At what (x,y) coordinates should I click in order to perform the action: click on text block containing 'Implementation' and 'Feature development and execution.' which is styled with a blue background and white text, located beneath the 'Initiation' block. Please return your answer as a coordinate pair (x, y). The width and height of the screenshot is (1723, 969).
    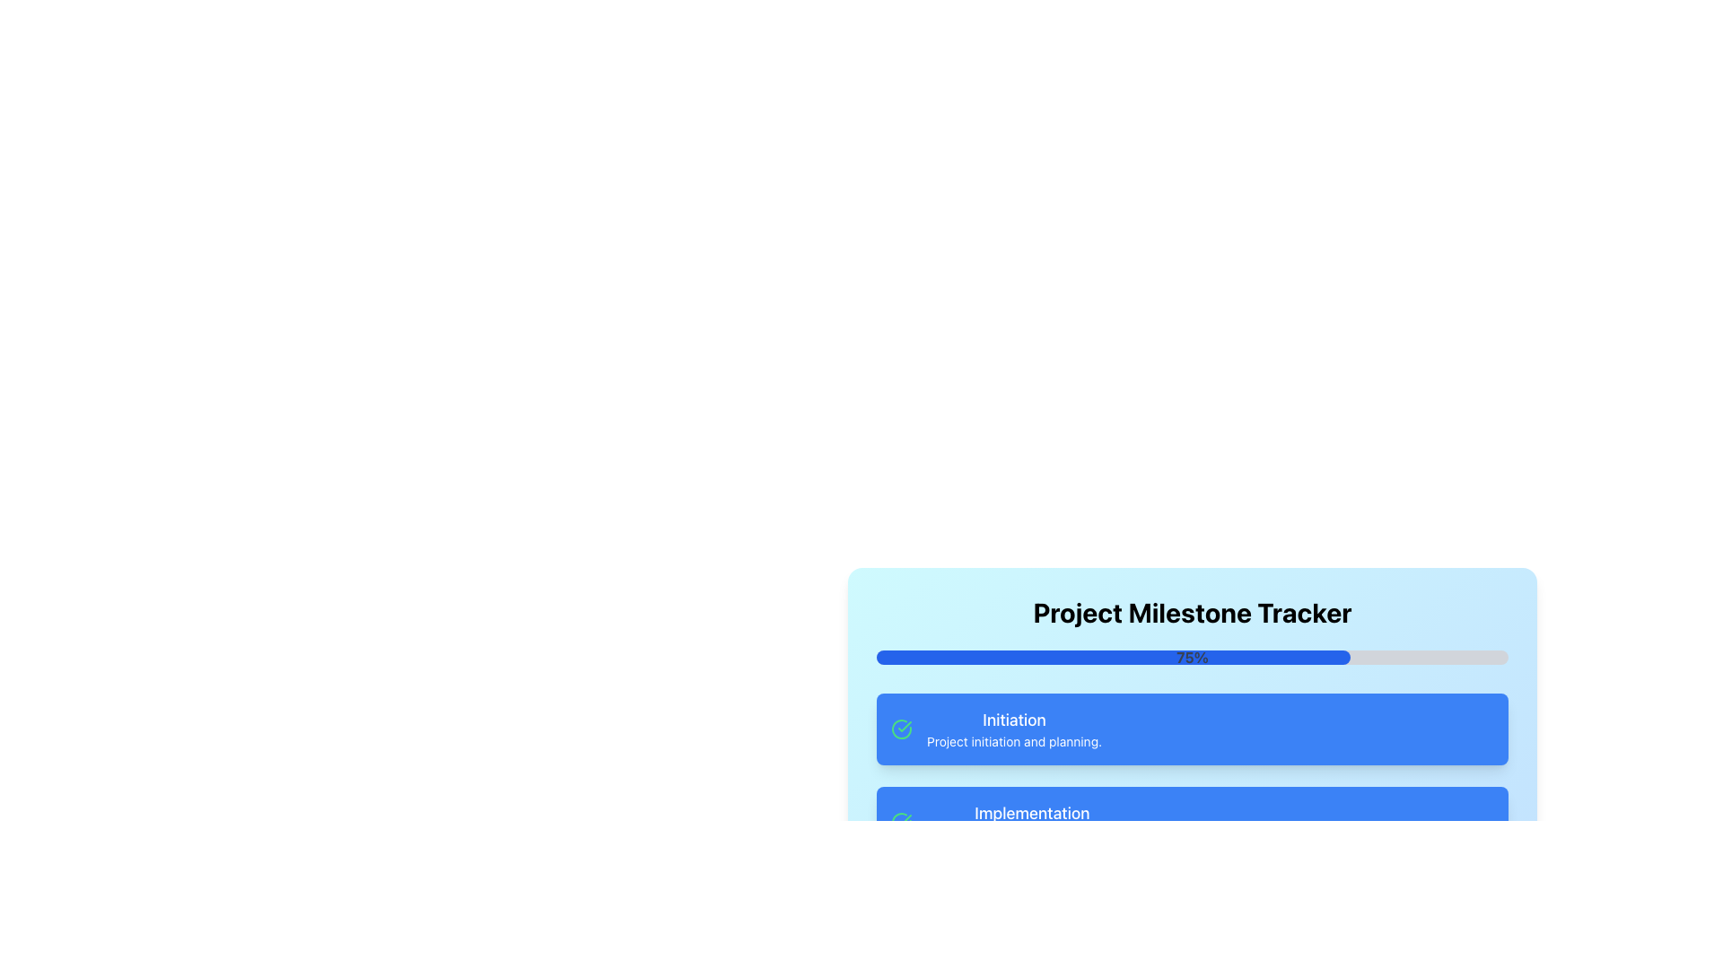
    Looking at the image, I should click on (1032, 823).